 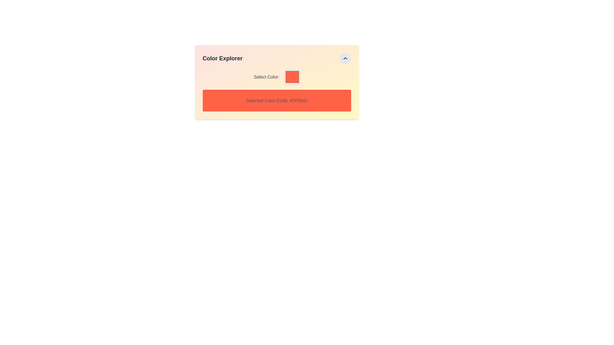 What do you see at coordinates (266, 76) in the screenshot?
I see `the Text label that serves as a descriptive label for the adjacent color selection interface located in the 'Color Explorer' panel` at bounding box center [266, 76].